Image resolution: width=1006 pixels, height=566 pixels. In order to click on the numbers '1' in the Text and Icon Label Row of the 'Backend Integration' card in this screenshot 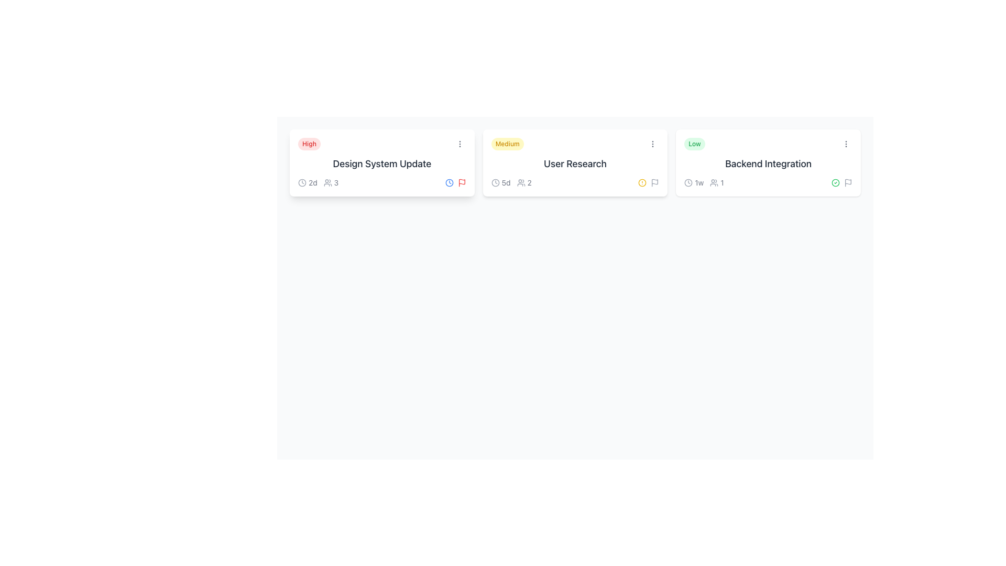, I will do `click(704, 182)`.